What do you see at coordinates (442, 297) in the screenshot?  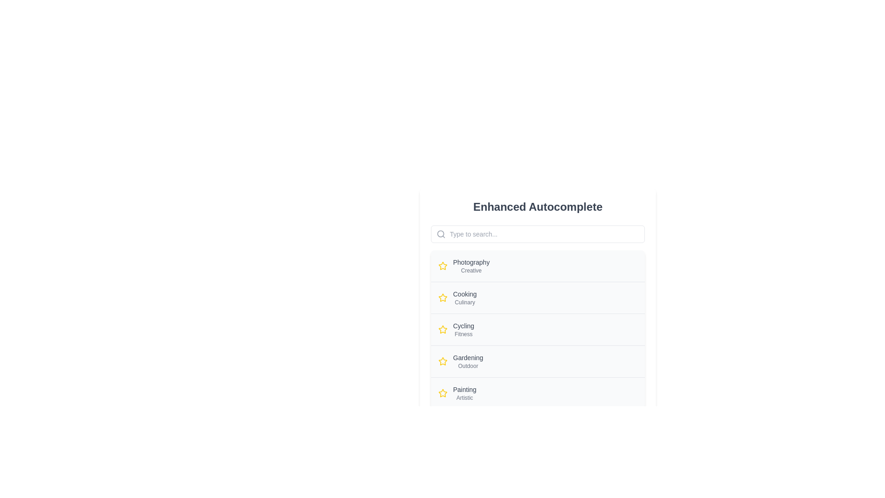 I see `the yellow star-shaped icon located to the left of the 'Cooking' list item, which is the second entry in the vertical list` at bounding box center [442, 297].